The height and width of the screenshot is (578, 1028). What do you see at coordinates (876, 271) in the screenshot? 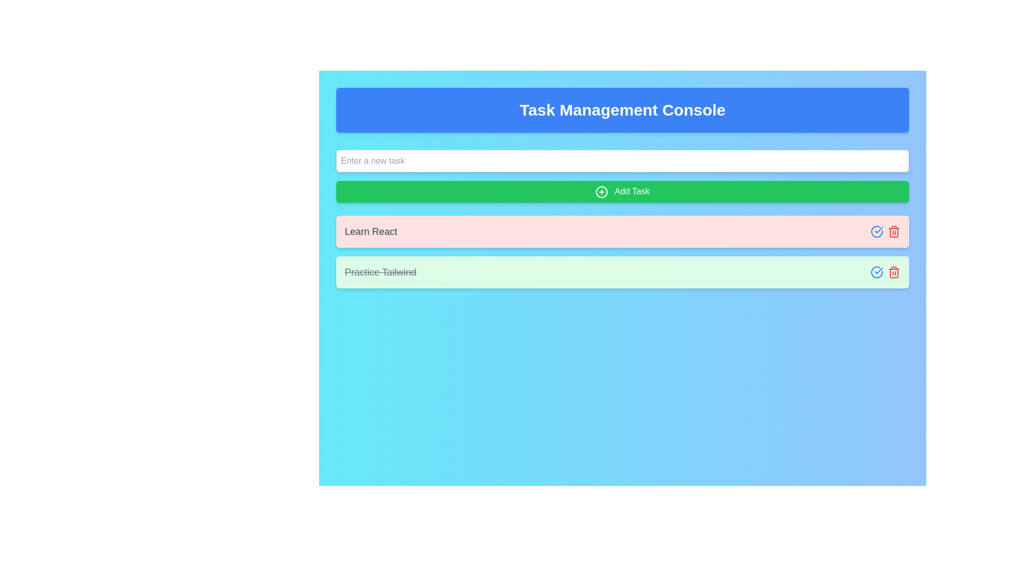
I see `the circular button with a blue outline and checkmark in the center to mark the 'Practice Tailwind' task as completed` at bounding box center [876, 271].